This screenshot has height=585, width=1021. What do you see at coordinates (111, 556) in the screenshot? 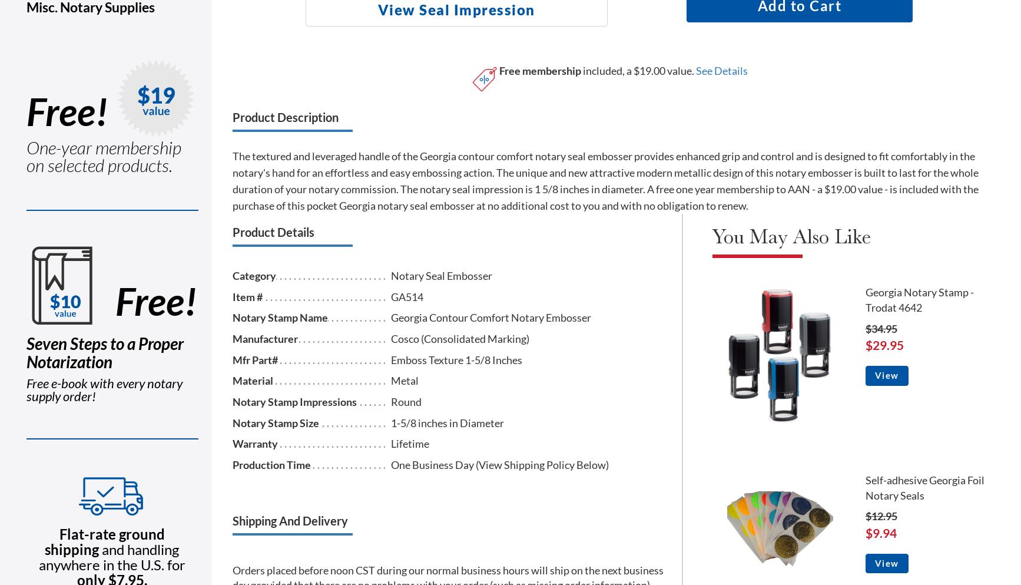
I see `'and handling anywhere in the U.S. for'` at bounding box center [111, 556].